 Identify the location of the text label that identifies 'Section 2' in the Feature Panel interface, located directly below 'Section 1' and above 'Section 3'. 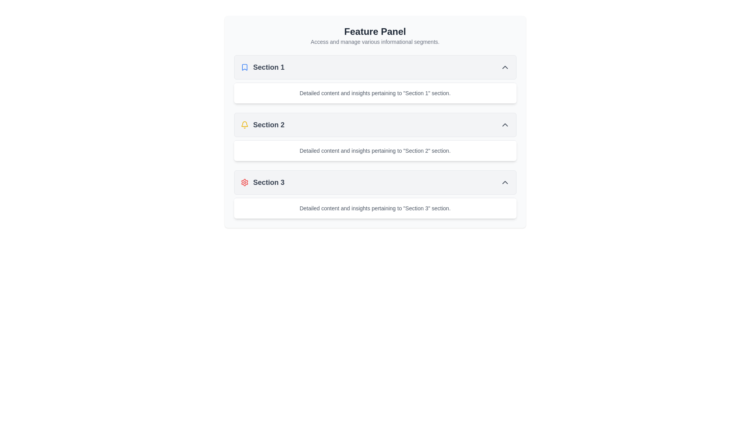
(269, 125).